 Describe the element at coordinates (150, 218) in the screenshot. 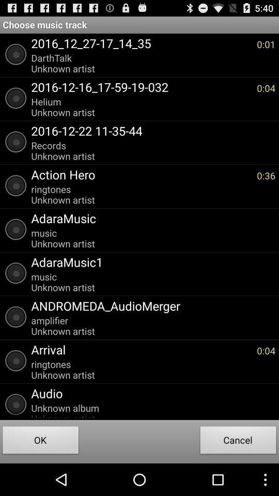

I see `the app below ringtones` at that location.